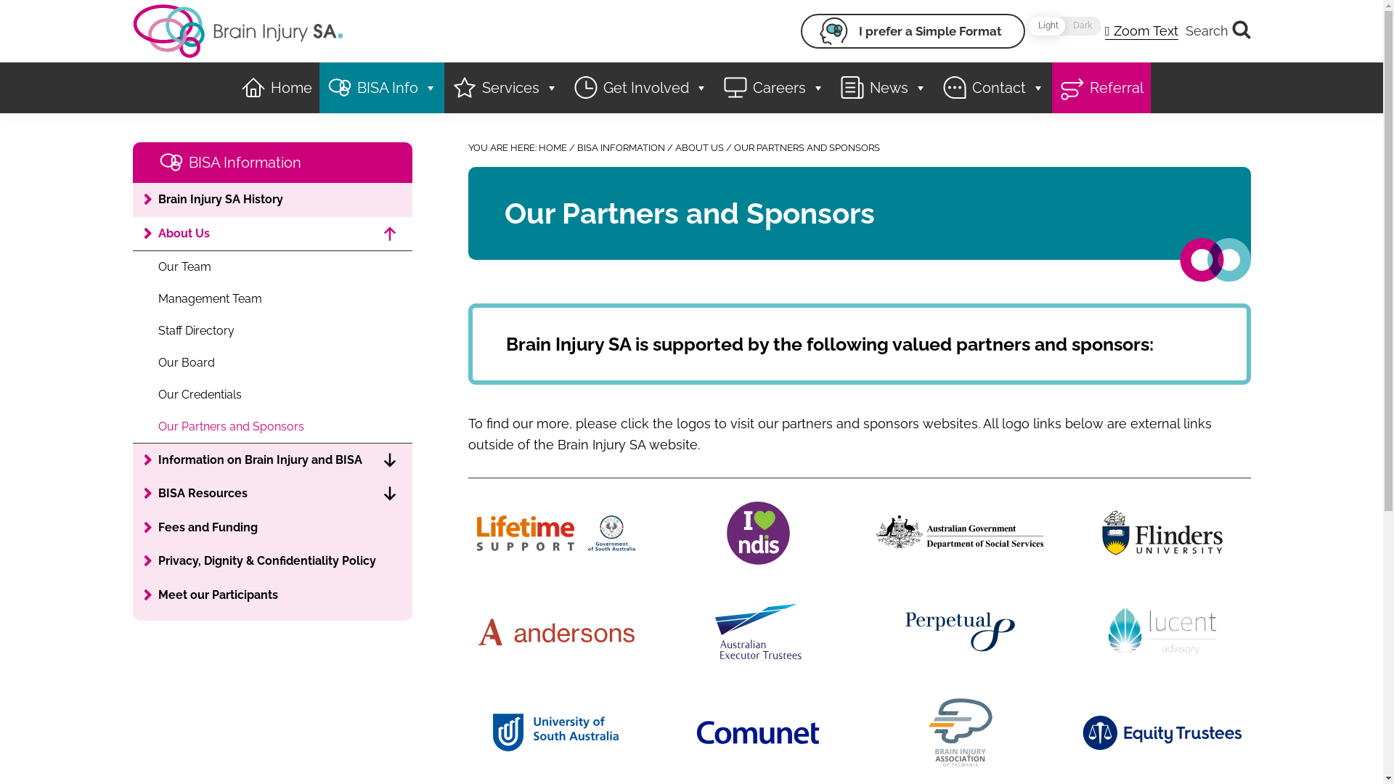 This screenshot has height=784, width=1394. I want to click on 'Our Credentials', so click(272, 394).